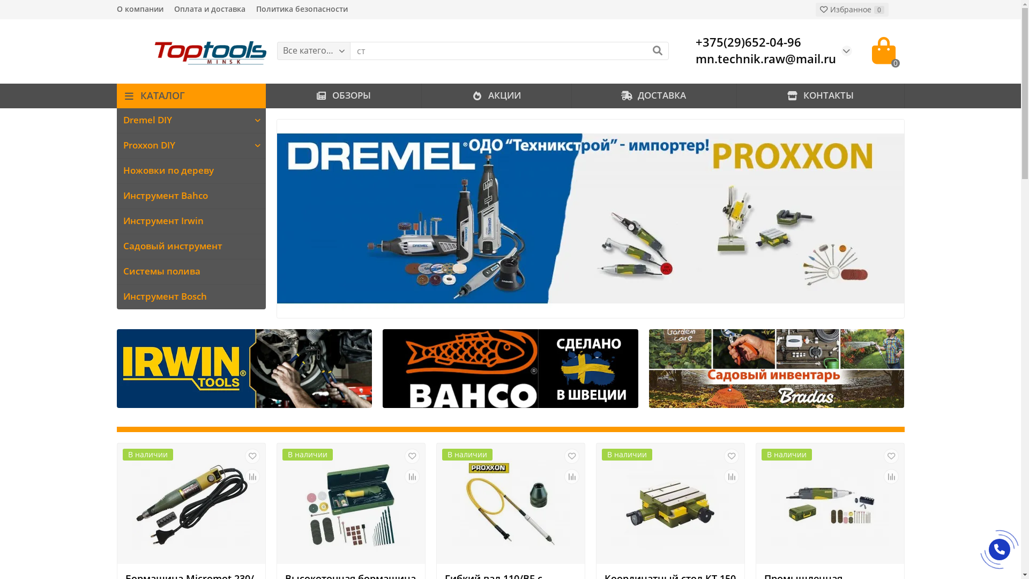 This screenshot has width=1029, height=579. What do you see at coordinates (183, 120) in the screenshot?
I see `'Dremel DIY'` at bounding box center [183, 120].